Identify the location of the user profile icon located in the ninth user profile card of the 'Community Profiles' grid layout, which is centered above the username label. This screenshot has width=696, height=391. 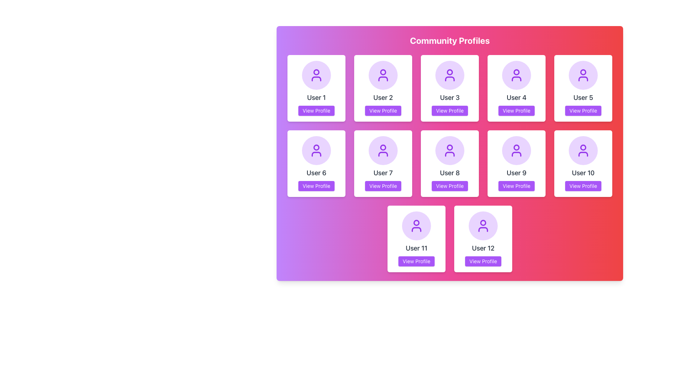
(516, 150).